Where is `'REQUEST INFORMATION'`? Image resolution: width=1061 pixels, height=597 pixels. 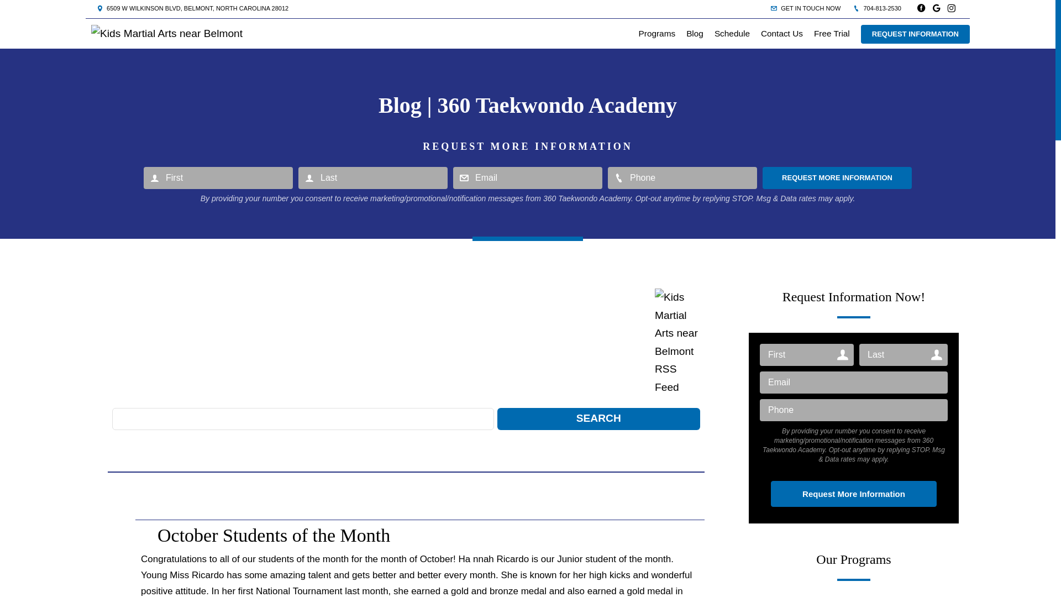
'REQUEST INFORMATION' is located at coordinates (915, 33).